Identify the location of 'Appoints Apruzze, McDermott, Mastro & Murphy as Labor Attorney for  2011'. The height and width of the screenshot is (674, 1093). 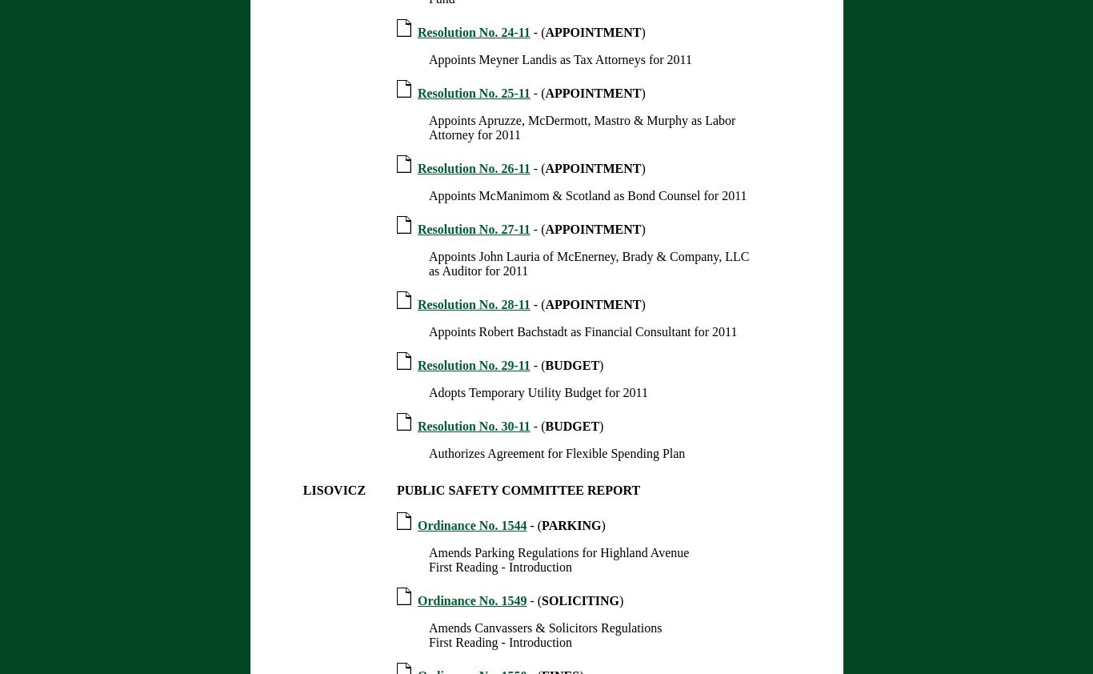
(581, 126).